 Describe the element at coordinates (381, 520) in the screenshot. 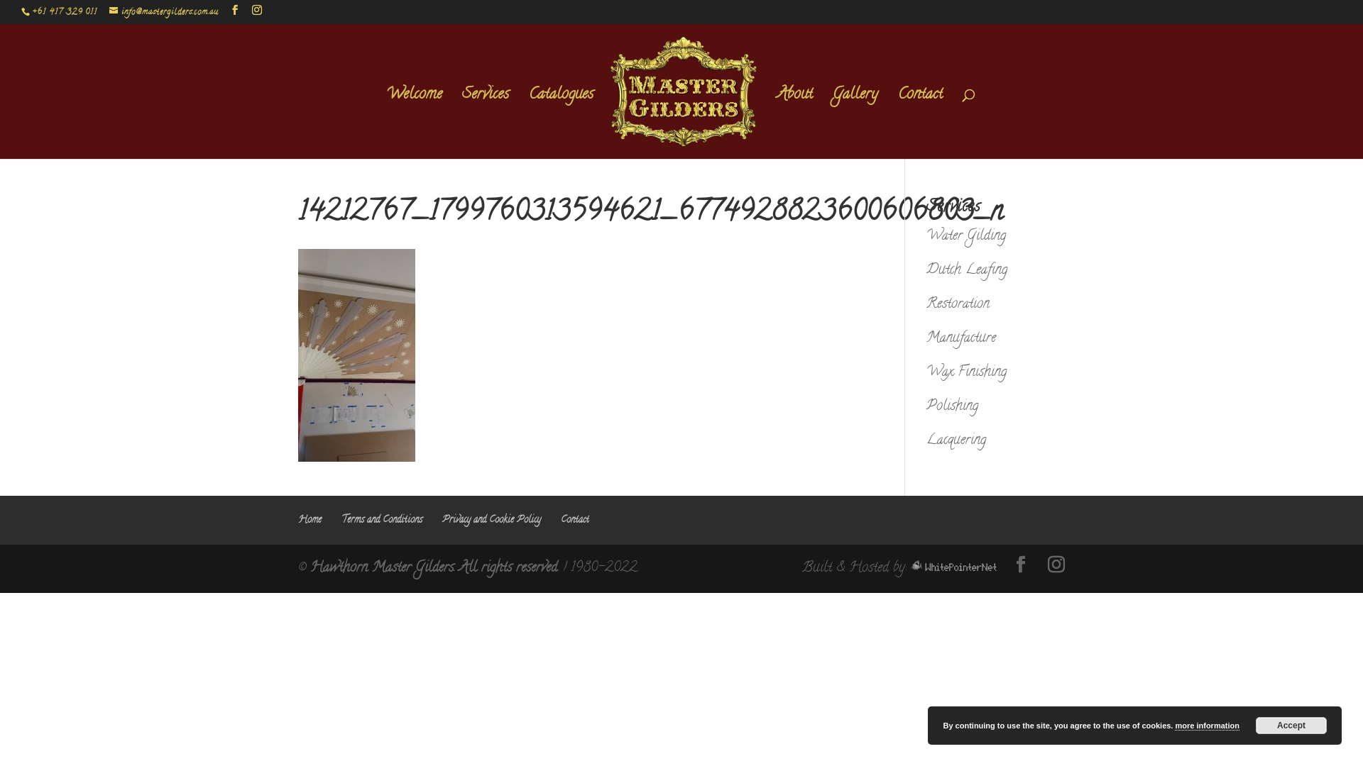

I see `'Terms and Conditions'` at that location.